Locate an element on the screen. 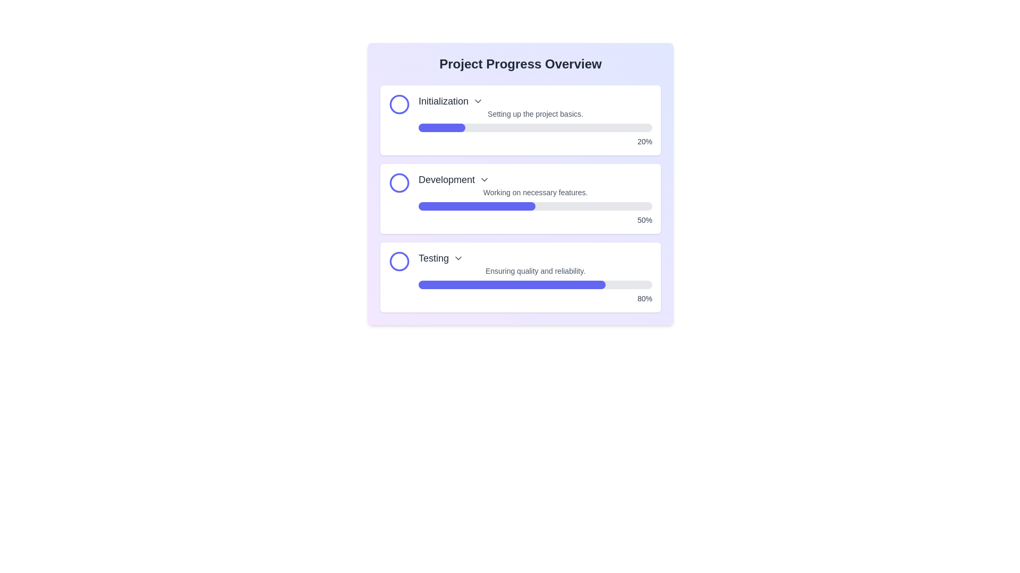  the static text label providing additional context for the 'Testing' phase of the project progress, located beneath the 'Testing' label and icon is located at coordinates (535, 270).